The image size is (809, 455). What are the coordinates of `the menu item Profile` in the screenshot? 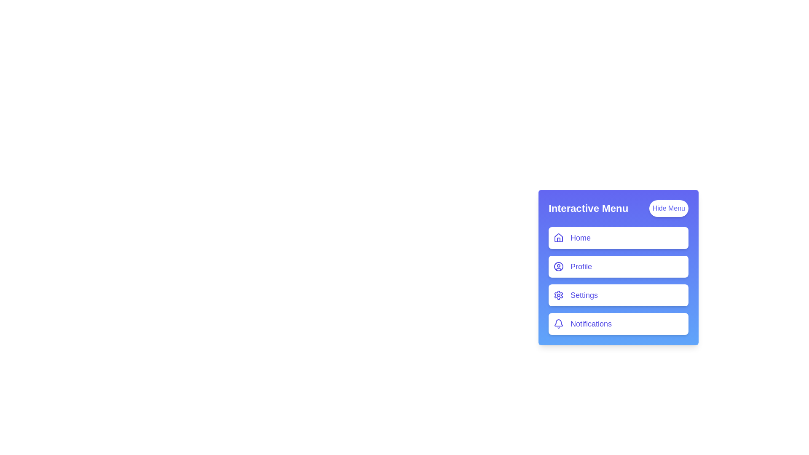 It's located at (619, 266).